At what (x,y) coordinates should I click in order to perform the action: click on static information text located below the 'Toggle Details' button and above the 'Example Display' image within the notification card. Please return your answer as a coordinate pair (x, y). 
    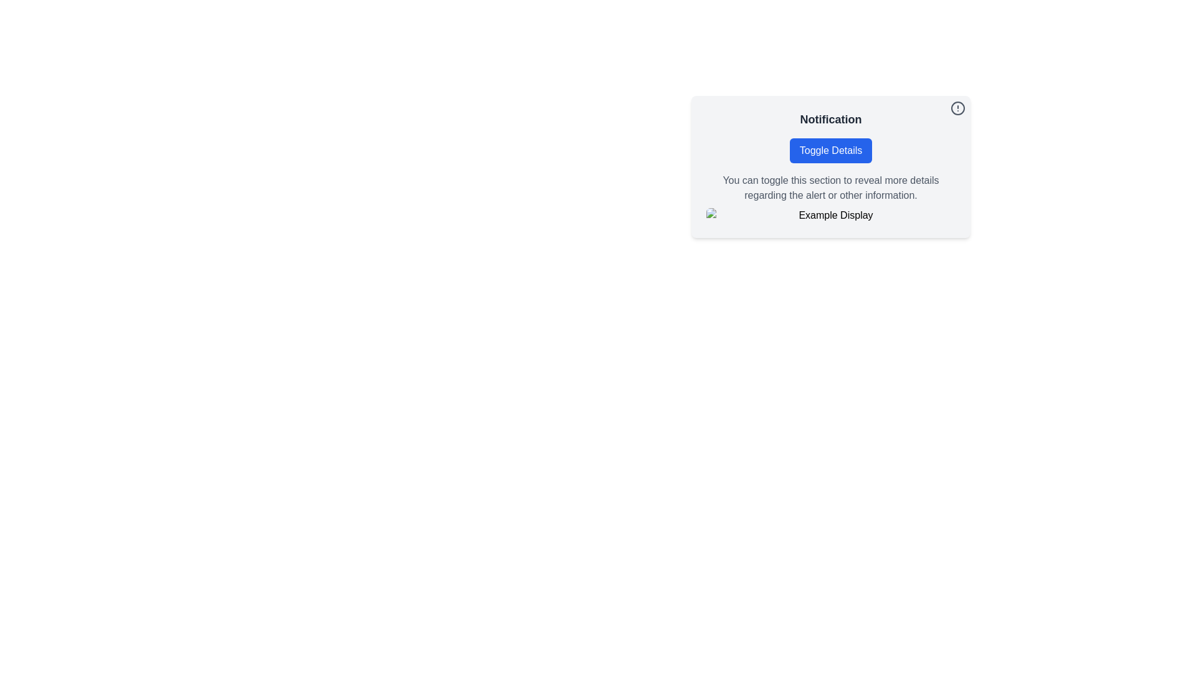
    Looking at the image, I should click on (831, 188).